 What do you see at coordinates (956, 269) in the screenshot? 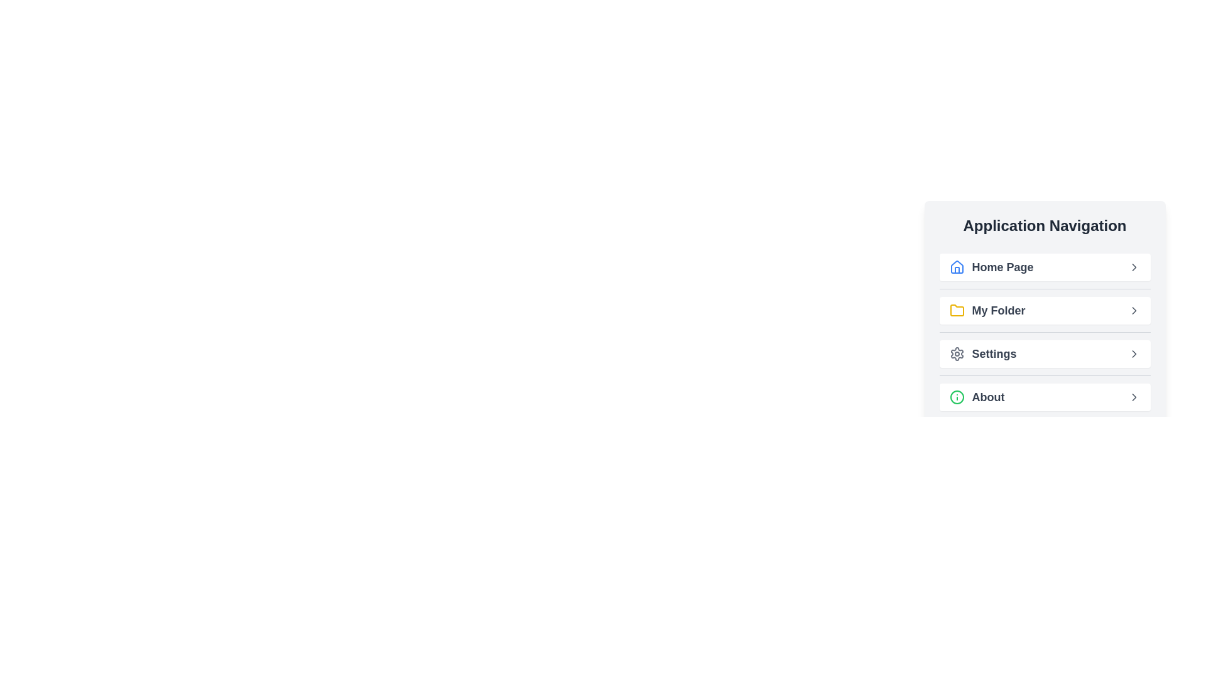
I see `house icon element located at the bottom center of the first icon in the navigation menu, which is associated with the 'Home Page' entry, using developer tools` at bounding box center [956, 269].